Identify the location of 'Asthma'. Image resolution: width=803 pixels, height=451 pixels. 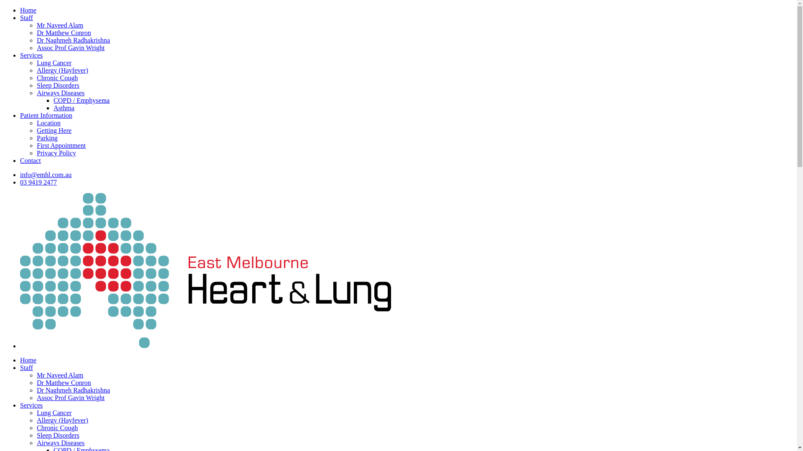
(64, 107).